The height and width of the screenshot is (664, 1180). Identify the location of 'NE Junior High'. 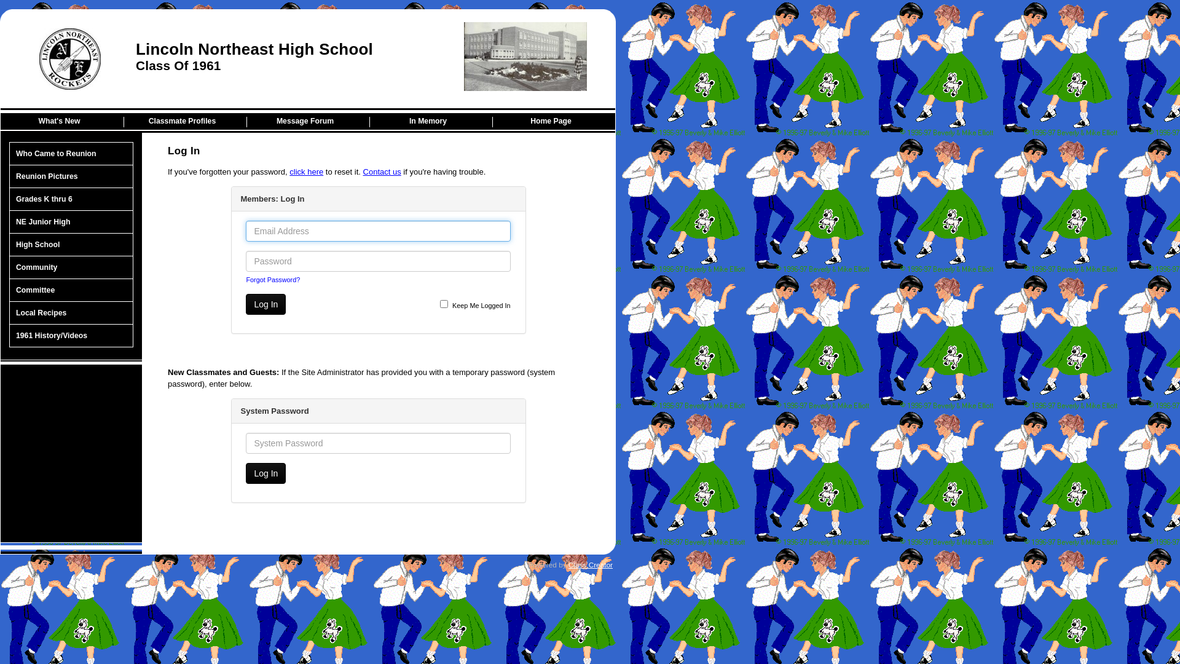
(70, 222).